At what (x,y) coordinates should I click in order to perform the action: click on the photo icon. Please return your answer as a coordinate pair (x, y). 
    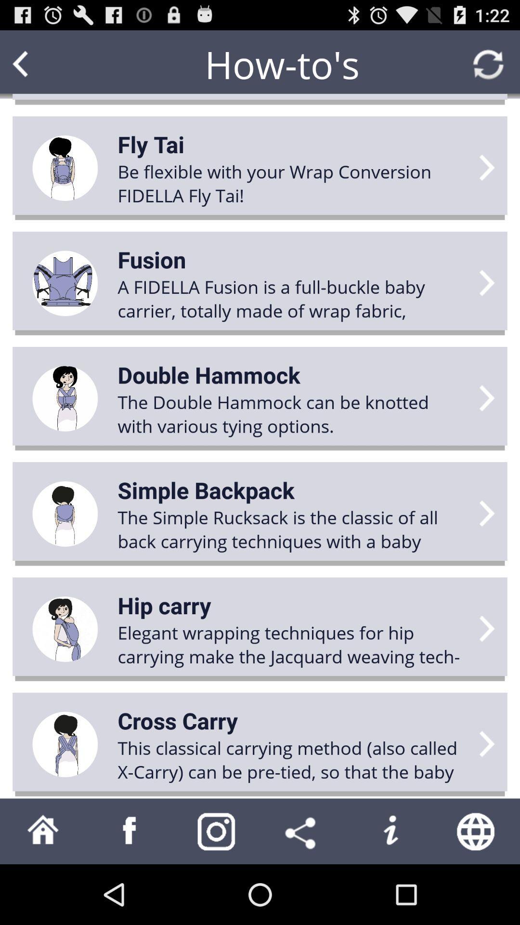
    Looking at the image, I should click on (217, 889).